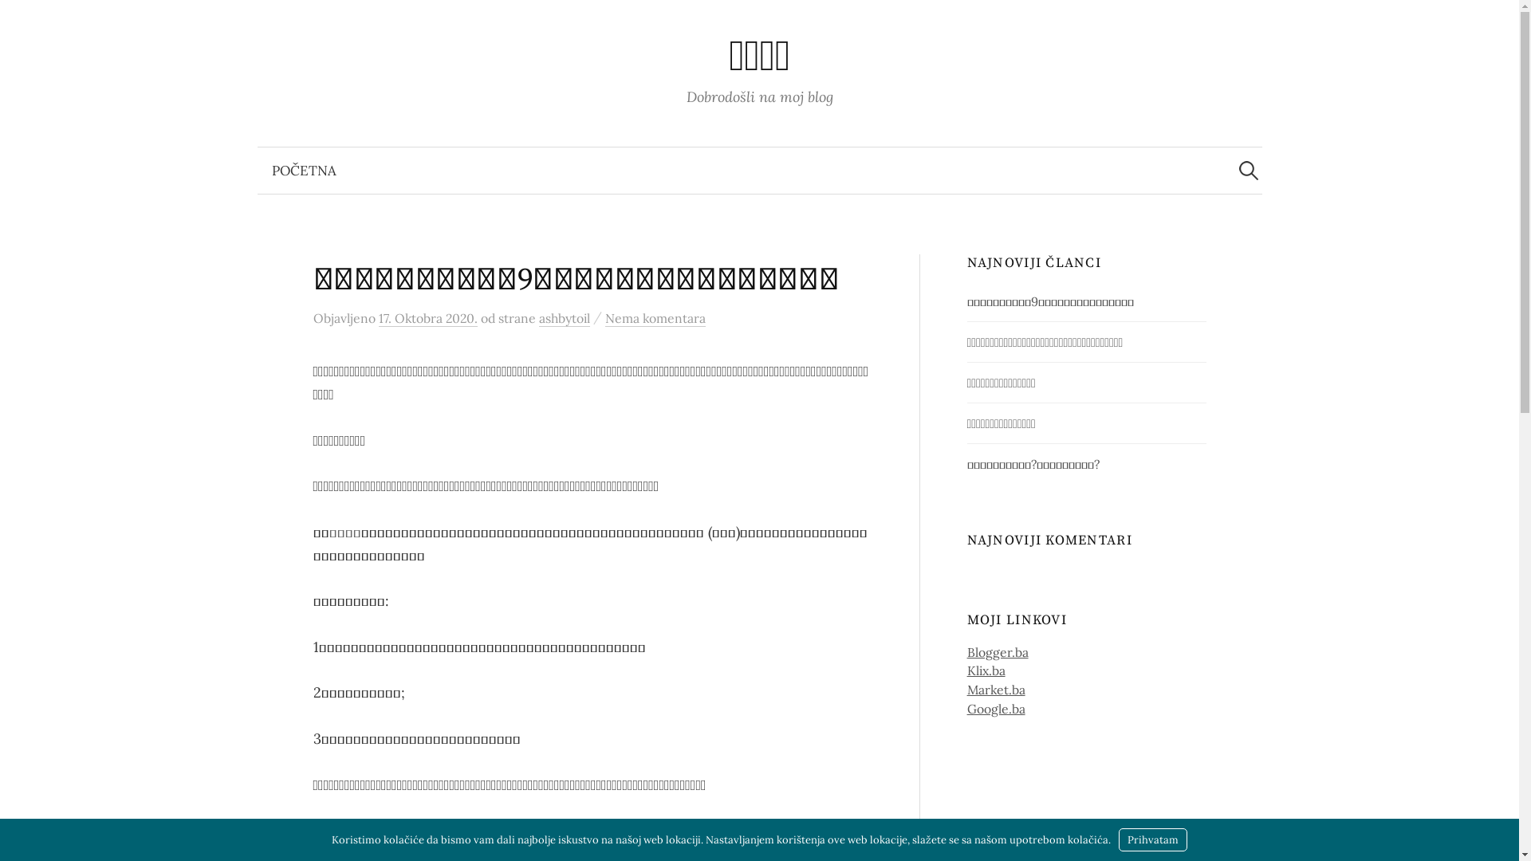 Image resolution: width=1531 pixels, height=861 pixels. What do you see at coordinates (986, 670) in the screenshot?
I see `'Klix.ba'` at bounding box center [986, 670].